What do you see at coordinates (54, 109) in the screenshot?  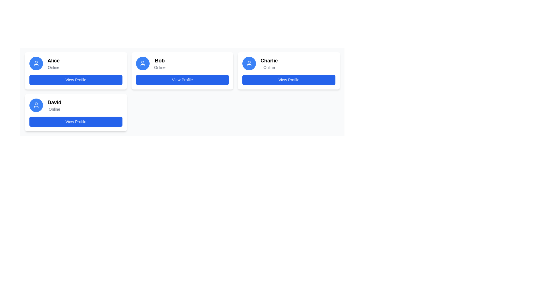 I see `the status text of the 'Online' indicator located in David's user card, positioned below the name 'David' and above the 'View Profile' button` at bounding box center [54, 109].